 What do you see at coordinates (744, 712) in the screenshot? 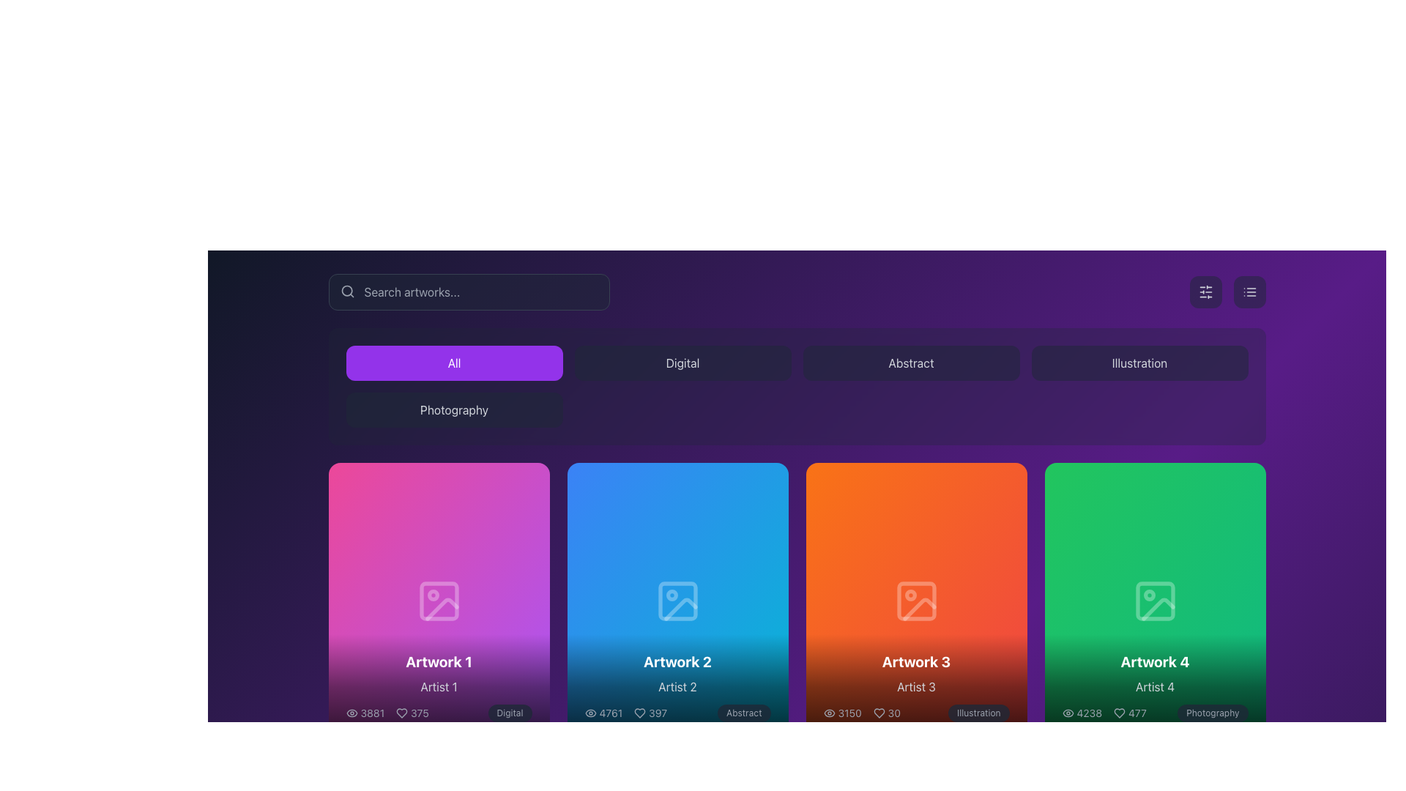
I see `text 'Abstract' displayed on the small, rectangular, dark gray button located at the bottom center of the second artwork card in the grid` at bounding box center [744, 712].